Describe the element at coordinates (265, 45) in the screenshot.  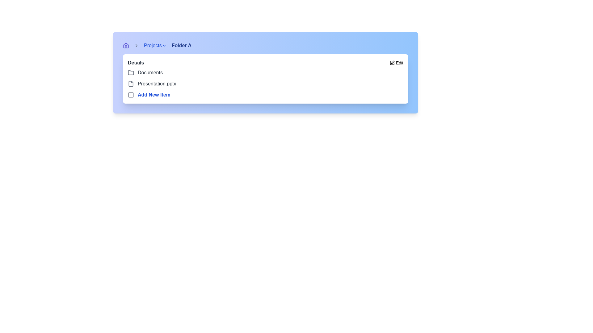
I see `the dropdown indicator of the Breadcrumb Navigation` at that location.